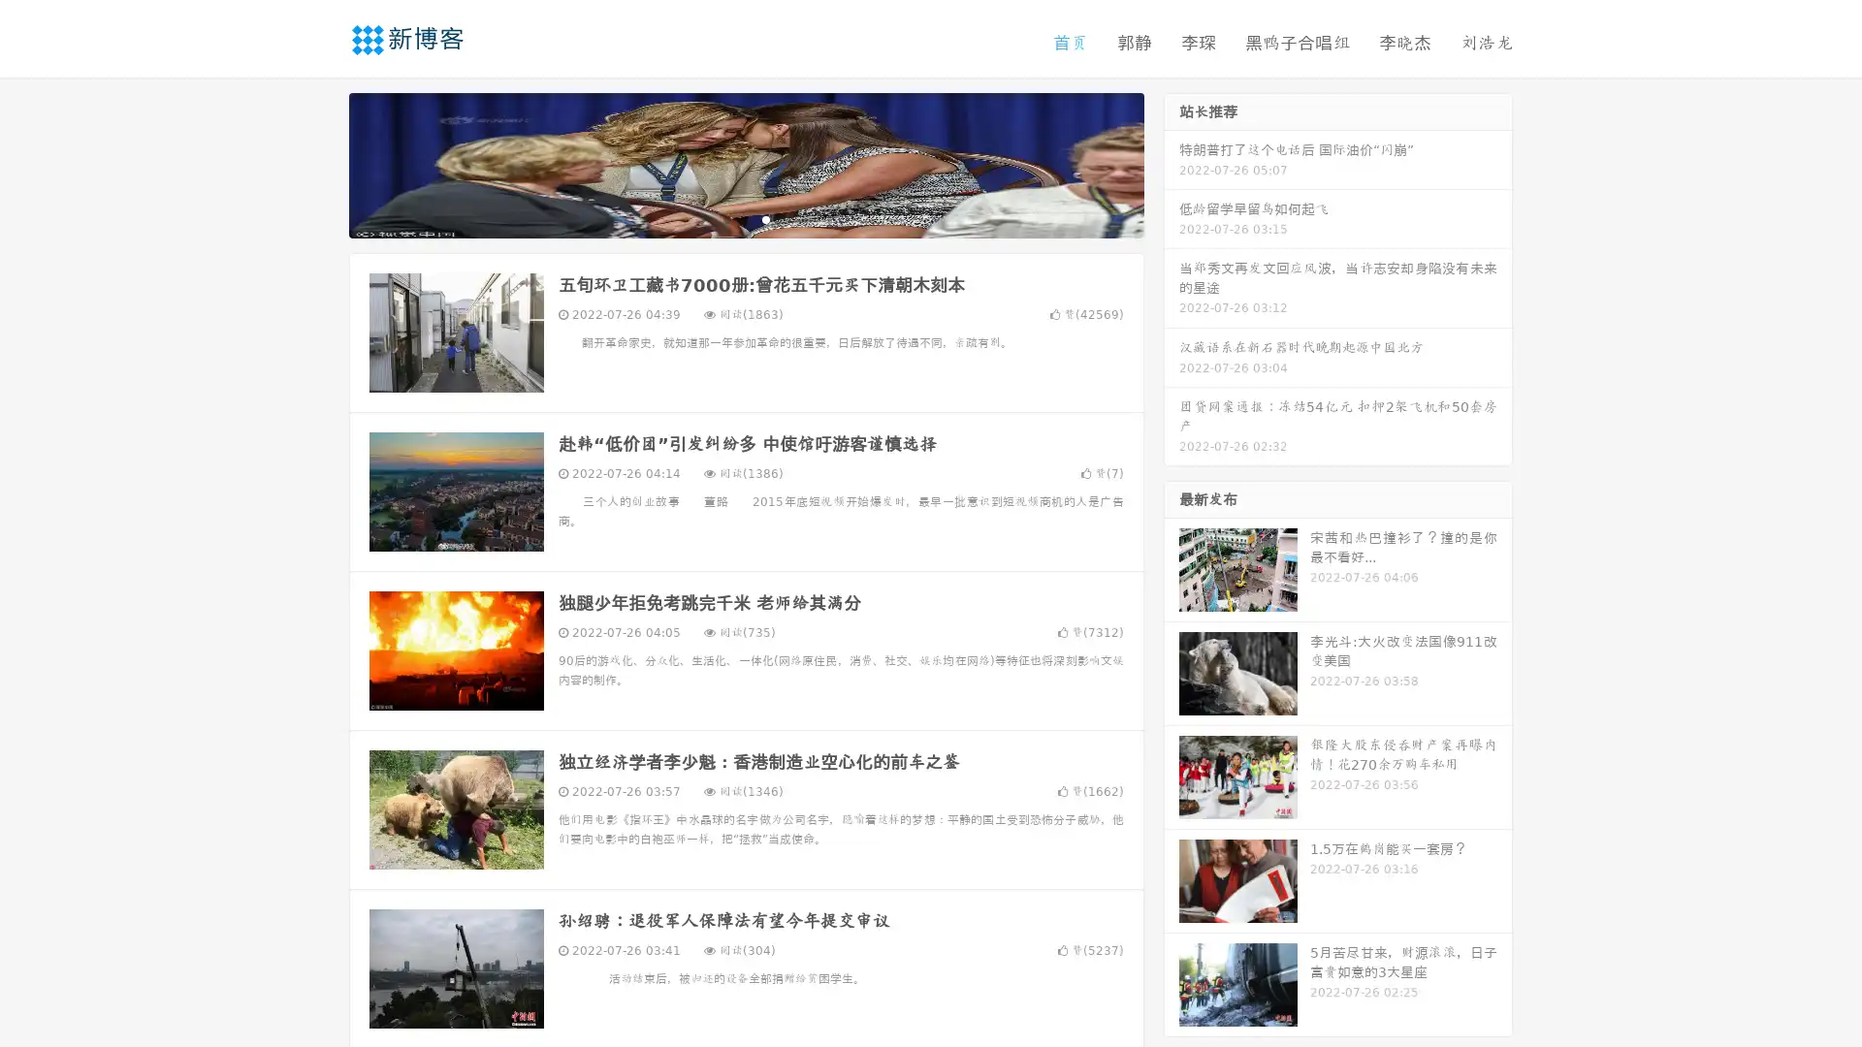 This screenshot has width=1862, height=1047. I want to click on Go to slide 3, so click(765, 218).